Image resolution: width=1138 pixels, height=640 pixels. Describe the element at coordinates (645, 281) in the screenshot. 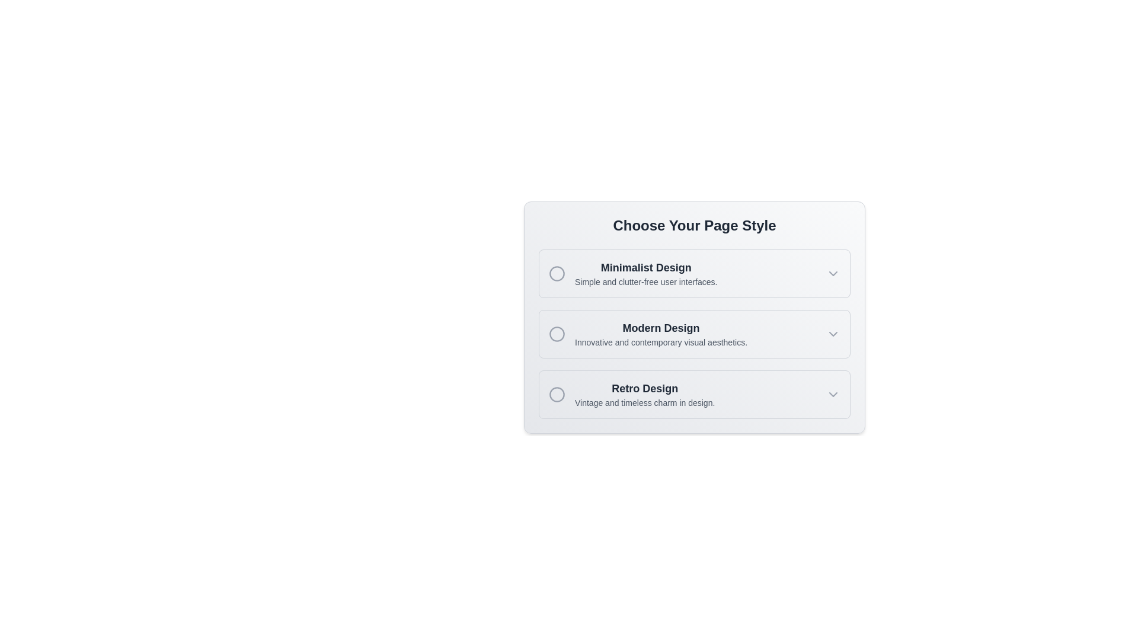

I see `the text label displaying 'Simple and clutter-free user interfaces.' located below the heading 'Minimalist Design.'` at that location.